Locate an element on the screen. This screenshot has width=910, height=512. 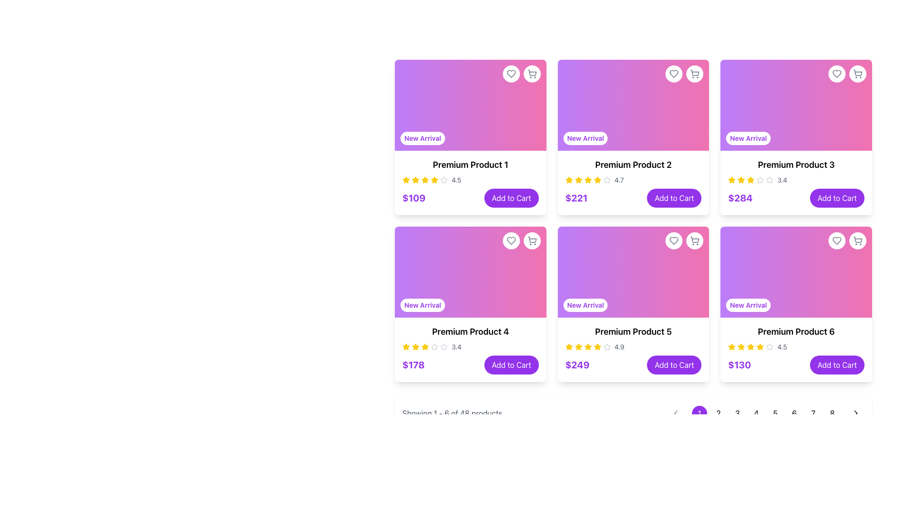
the first star icon in the rating system of the 'Premium Product 6' product card located in the second row of the product grid is located at coordinates (760, 347).